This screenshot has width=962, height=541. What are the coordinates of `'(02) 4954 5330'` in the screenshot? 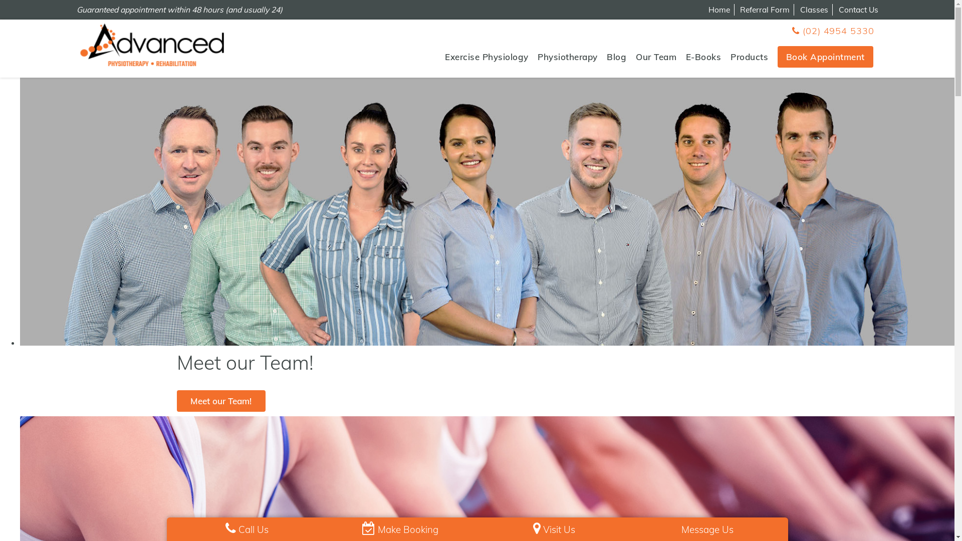 It's located at (833, 30).